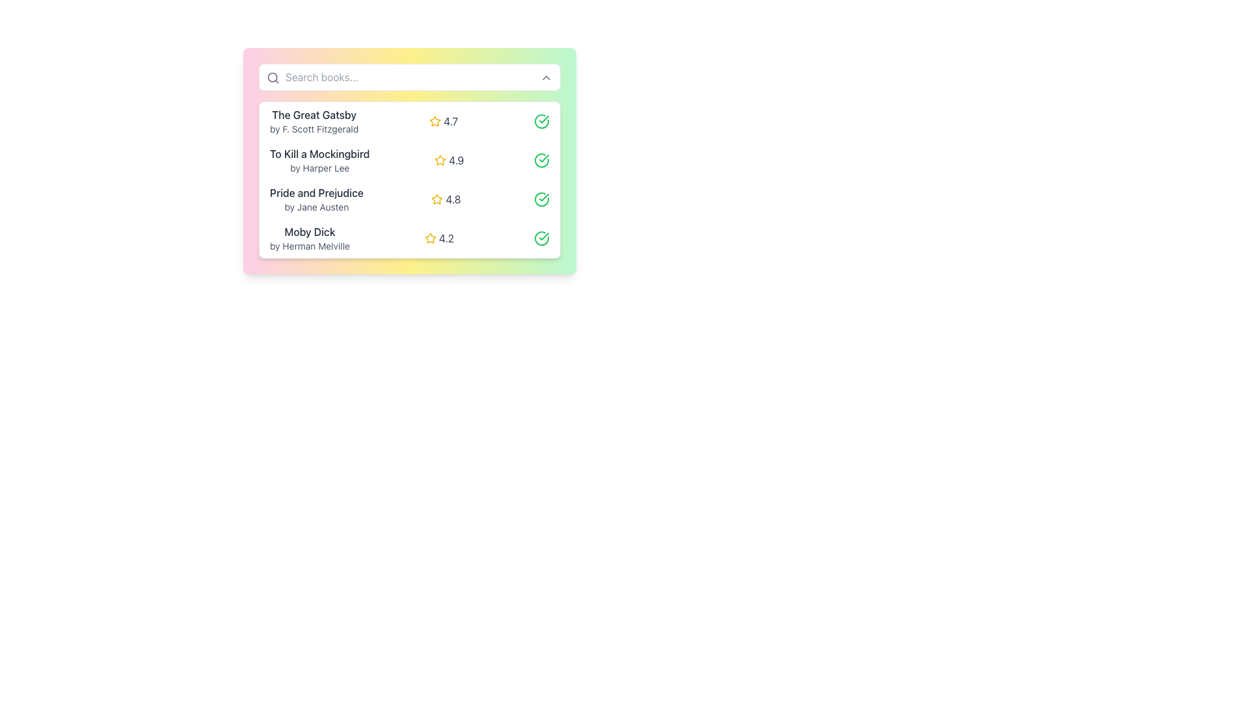 Image resolution: width=1249 pixels, height=702 pixels. What do you see at coordinates (435, 120) in the screenshot?
I see `the golden-yellow star-shaped icon which indicates a rating or favorite functionality, located directly to the left of the rating score '4.7'` at bounding box center [435, 120].